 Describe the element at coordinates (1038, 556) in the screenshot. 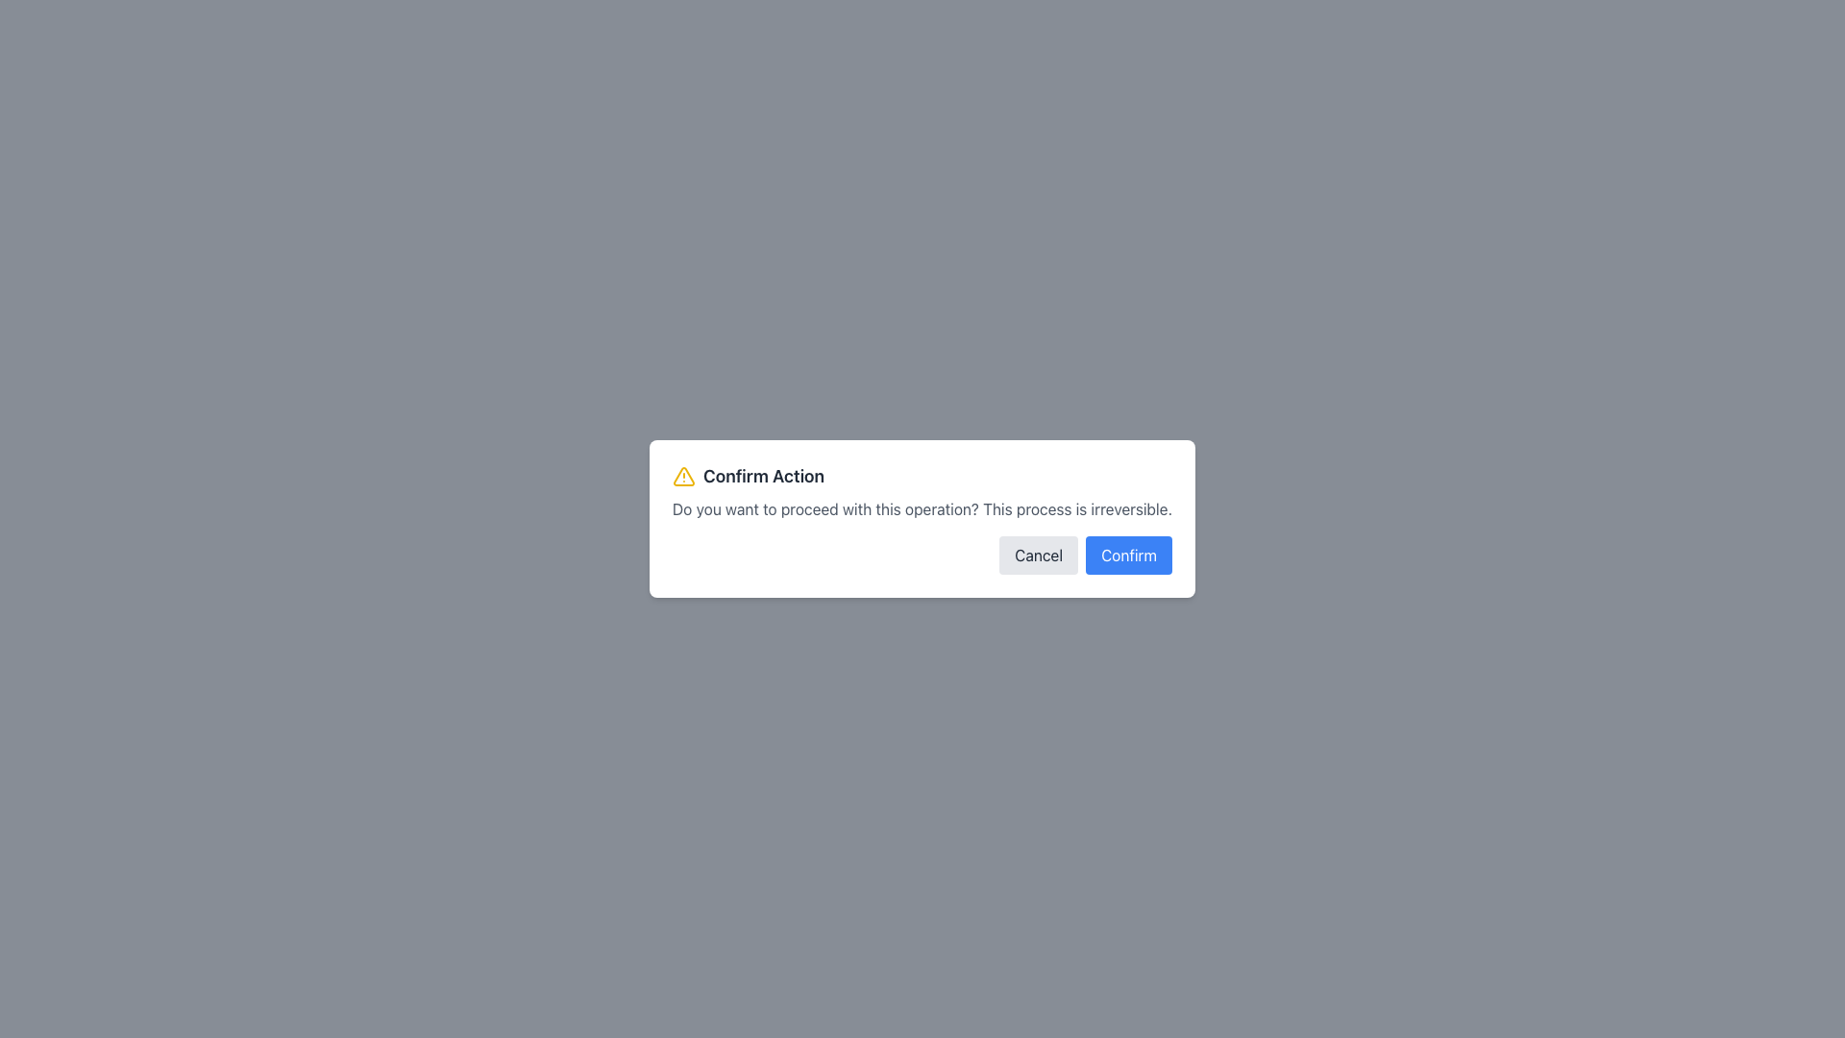

I see `the 'Cancel' button with a light gray background and dark gray text located on the right side of the modal window` at that location.